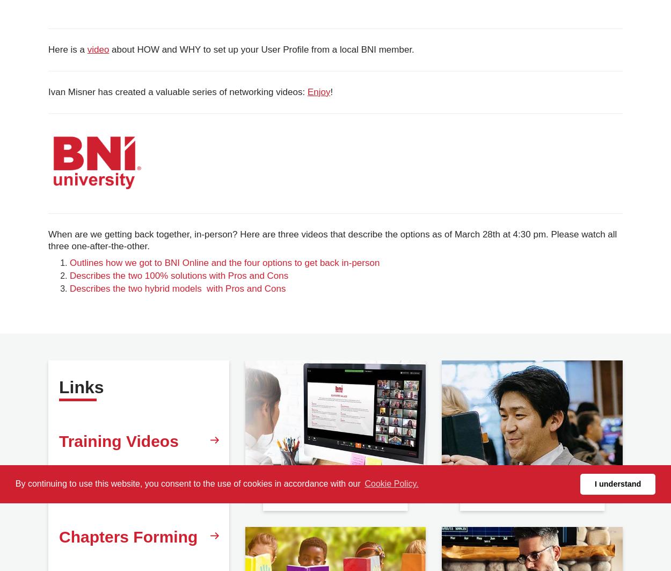 This screenshot has width=671, height=571. Describe the element at coordinates (178, 276) in the screenshot. I see `'Describes the two 100% solutions with Pros and Cons'` at that location.